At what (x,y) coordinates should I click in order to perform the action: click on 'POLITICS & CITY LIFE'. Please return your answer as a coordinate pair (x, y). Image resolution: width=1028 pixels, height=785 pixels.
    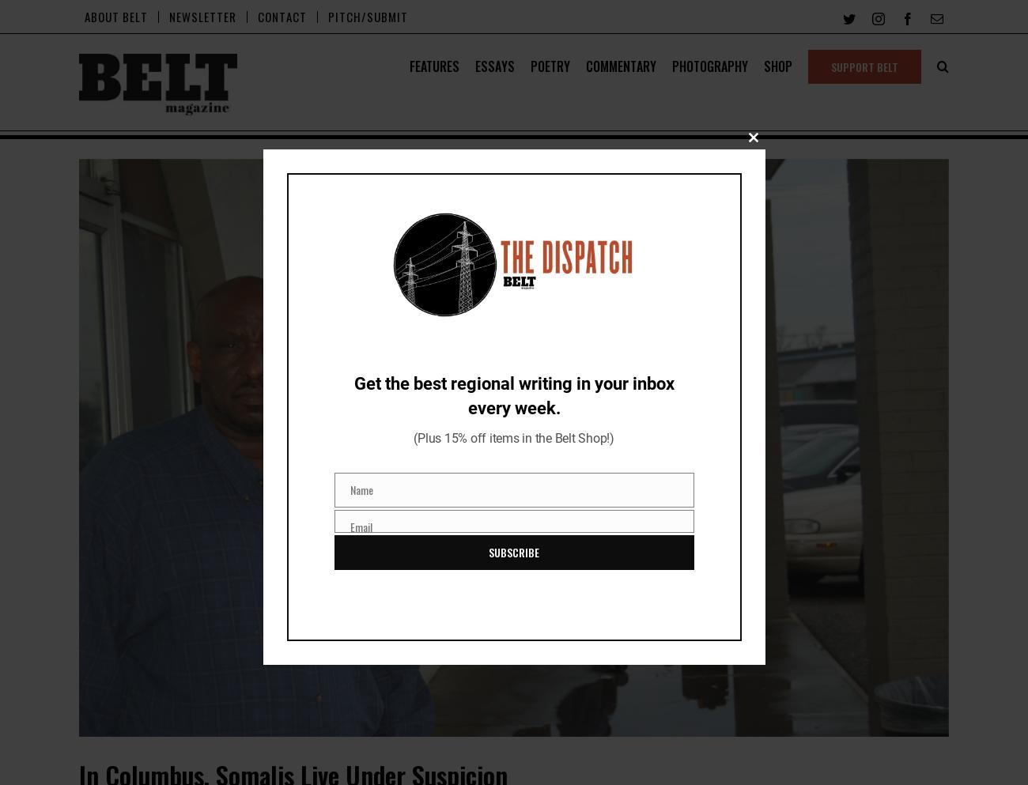
    Looking at the image, I should click on (478, 198).